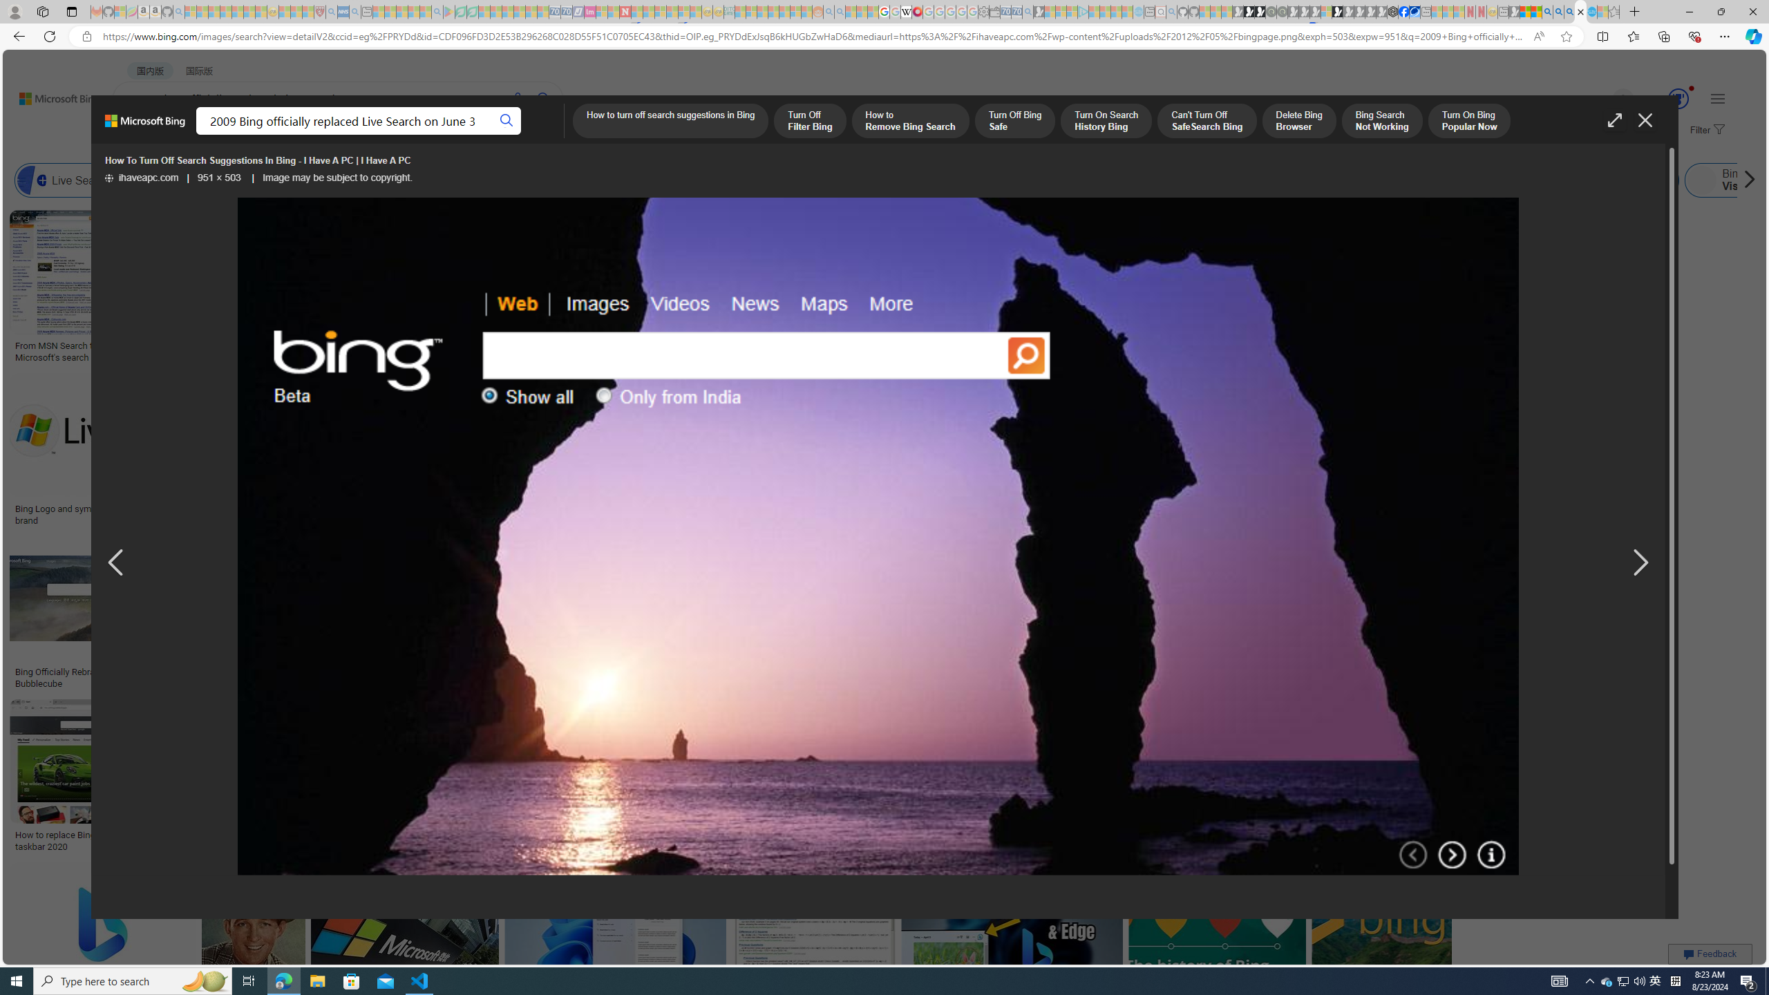  Describe the element at coordinates (437, 11) in the screenshot. I see `'google - Search - Sleeping'` at that location.